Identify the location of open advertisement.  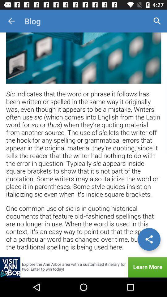
(83, 267).